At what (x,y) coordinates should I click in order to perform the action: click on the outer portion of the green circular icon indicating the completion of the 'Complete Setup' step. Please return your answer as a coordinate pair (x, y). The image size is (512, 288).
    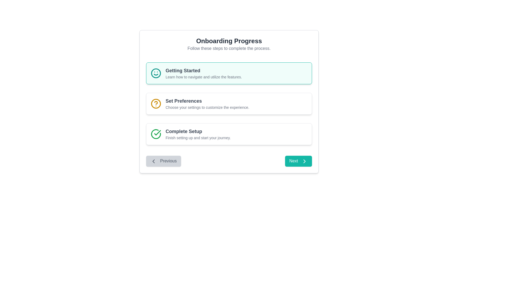
    Looking at the image, I should click on (156, 134).